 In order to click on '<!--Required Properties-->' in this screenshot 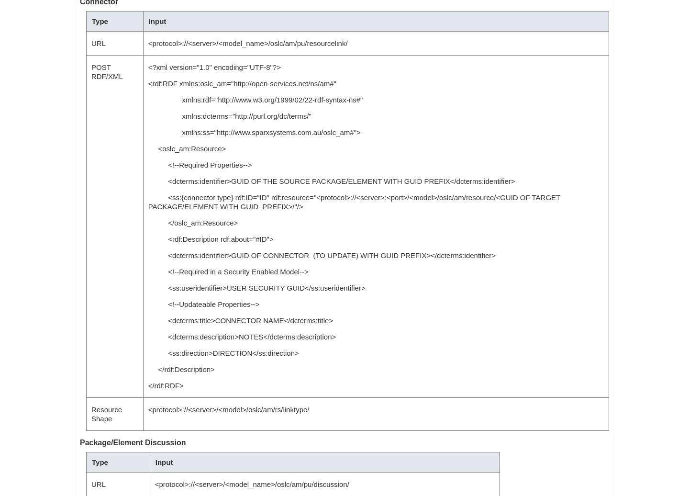, I will do `click(199, 165)`.